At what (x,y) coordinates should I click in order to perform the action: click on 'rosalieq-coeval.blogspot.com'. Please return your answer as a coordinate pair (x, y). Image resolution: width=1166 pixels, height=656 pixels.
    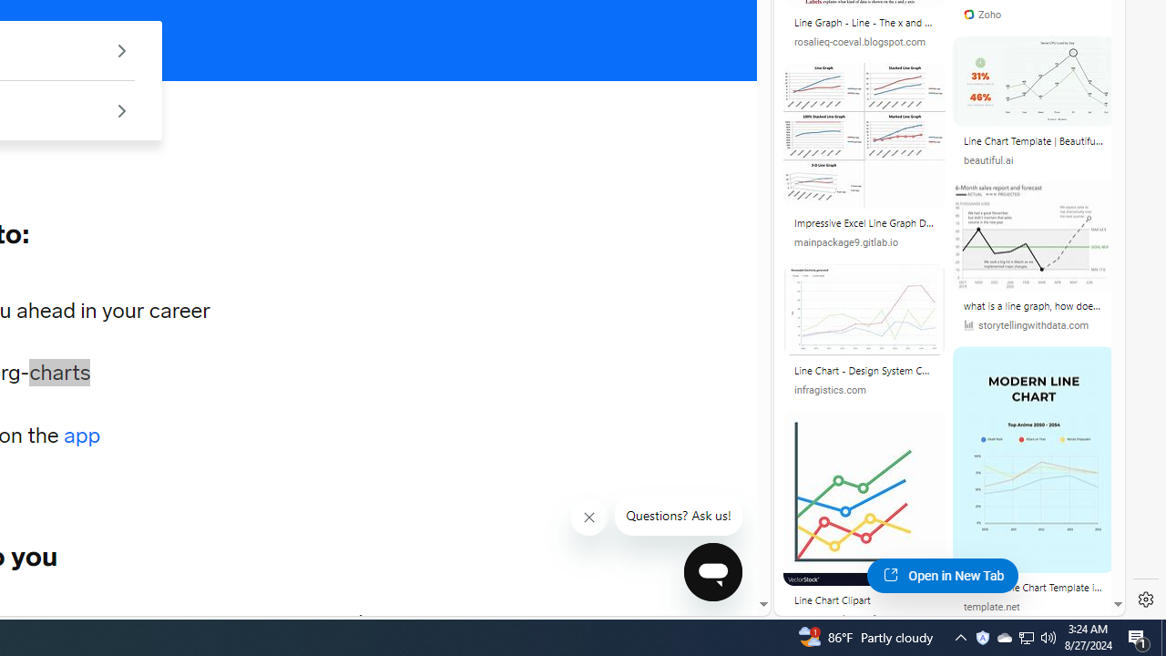
    Looking at the image, I should click on (864, 41).